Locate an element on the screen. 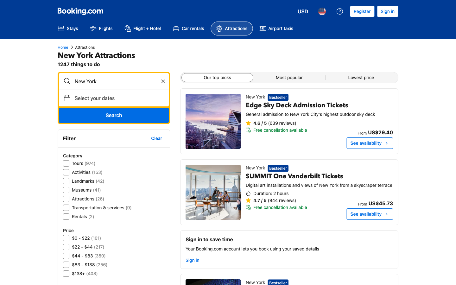  Switch to the next currency option from the current one is located at coordinates (303, 11).